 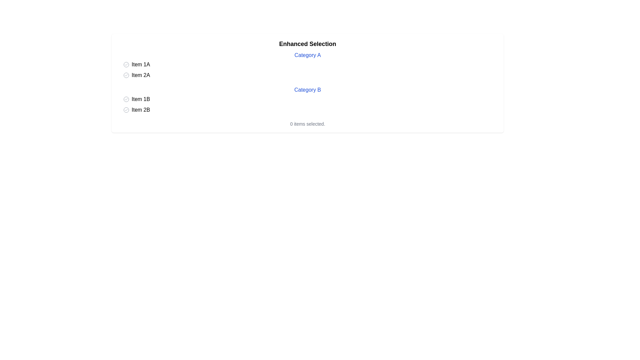 What do you see at coordinates (126, 99) in the screenshot?
I see `the checkmark icon within the circular radio button for the option labeled 'Item 1B'` at bounding box center [126, 99].